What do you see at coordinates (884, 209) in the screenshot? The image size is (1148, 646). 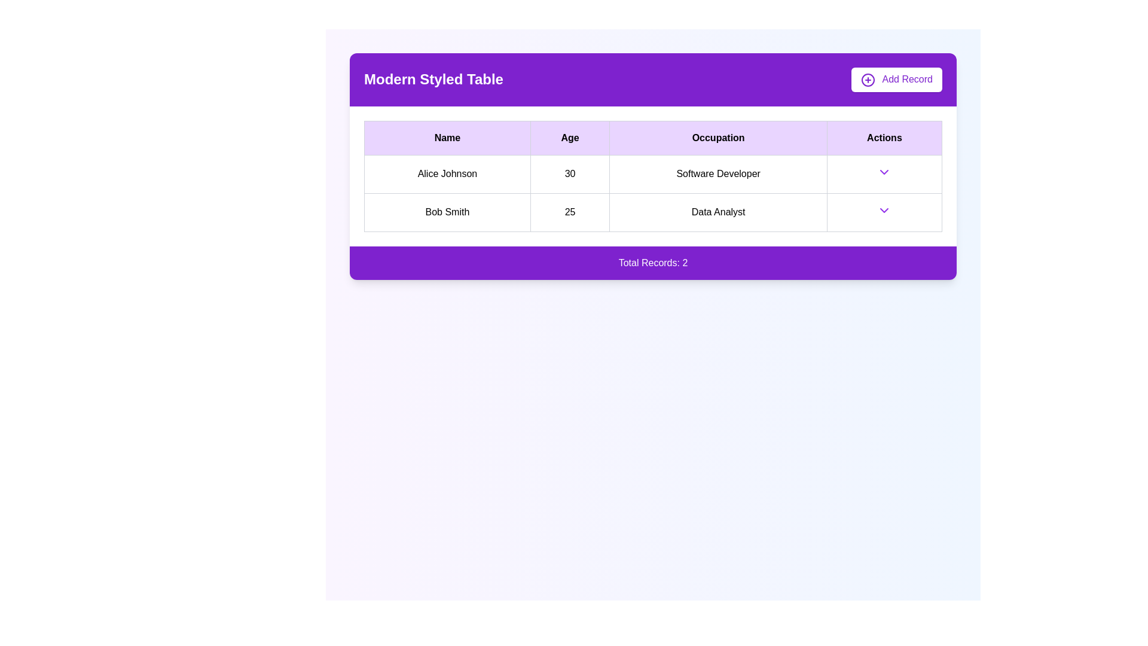 I see `the chevron icon button in the 'Actions' column` at bounding box center [884, 209].